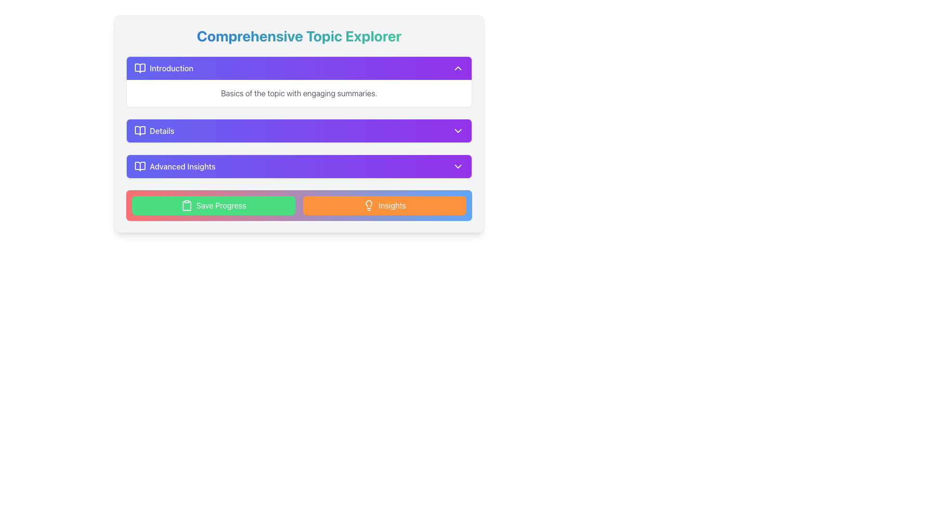  I want to click on the open book icon located to the left of the 'Advanced Insights' label, so click(140, 166).